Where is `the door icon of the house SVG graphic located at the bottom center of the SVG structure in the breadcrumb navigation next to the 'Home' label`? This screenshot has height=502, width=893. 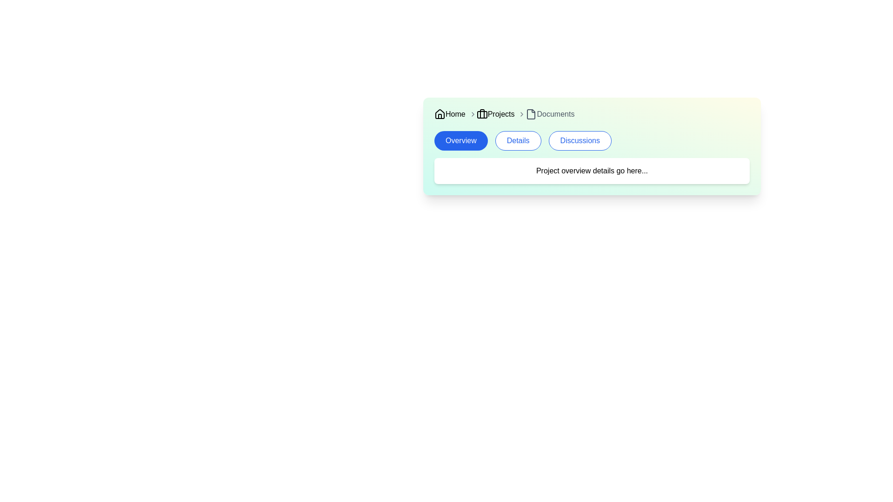 the door icon of the house SVG graphic located at the bottom center of the SVG structure in the breadcrumb navigation next to the 'Home' label is located at coordinates (439, 116).